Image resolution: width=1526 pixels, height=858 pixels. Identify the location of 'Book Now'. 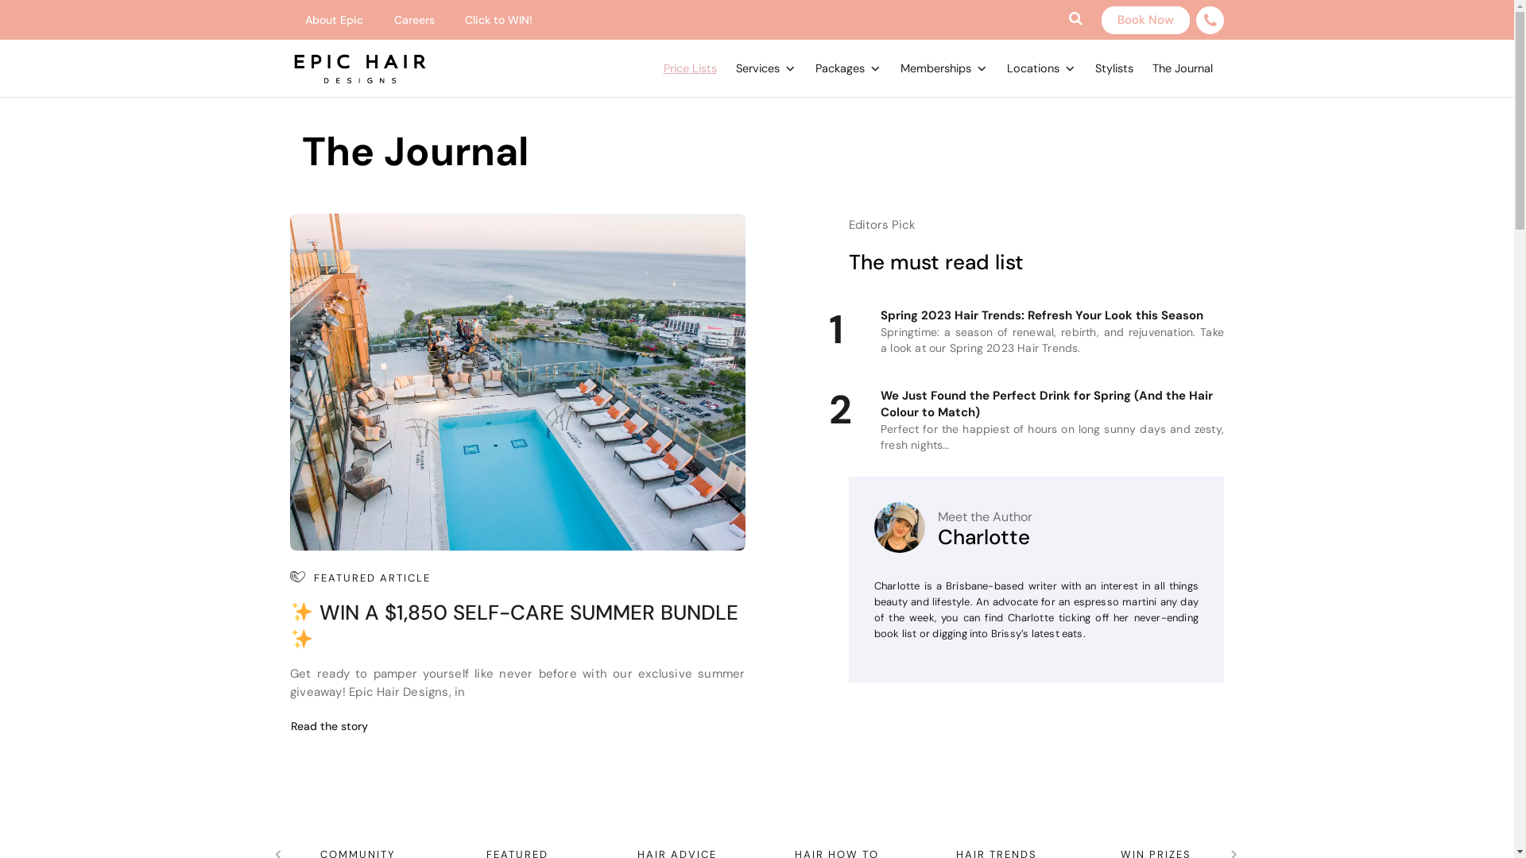
(1145, 20).